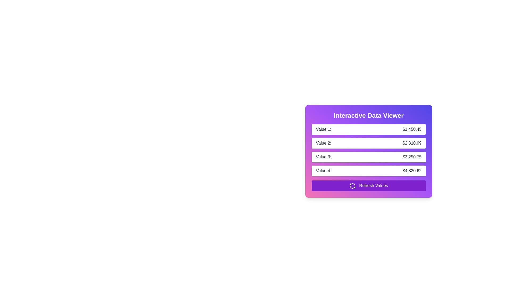  Describe the element at coordinates (412, 171) in the screenshot. I see `the Text Display that shows the monetary value '$4,820.62', which is visually aligned with the label 'Value 4:' and located in the fourth row of the 'Interactive Data Viewer'` at that location.